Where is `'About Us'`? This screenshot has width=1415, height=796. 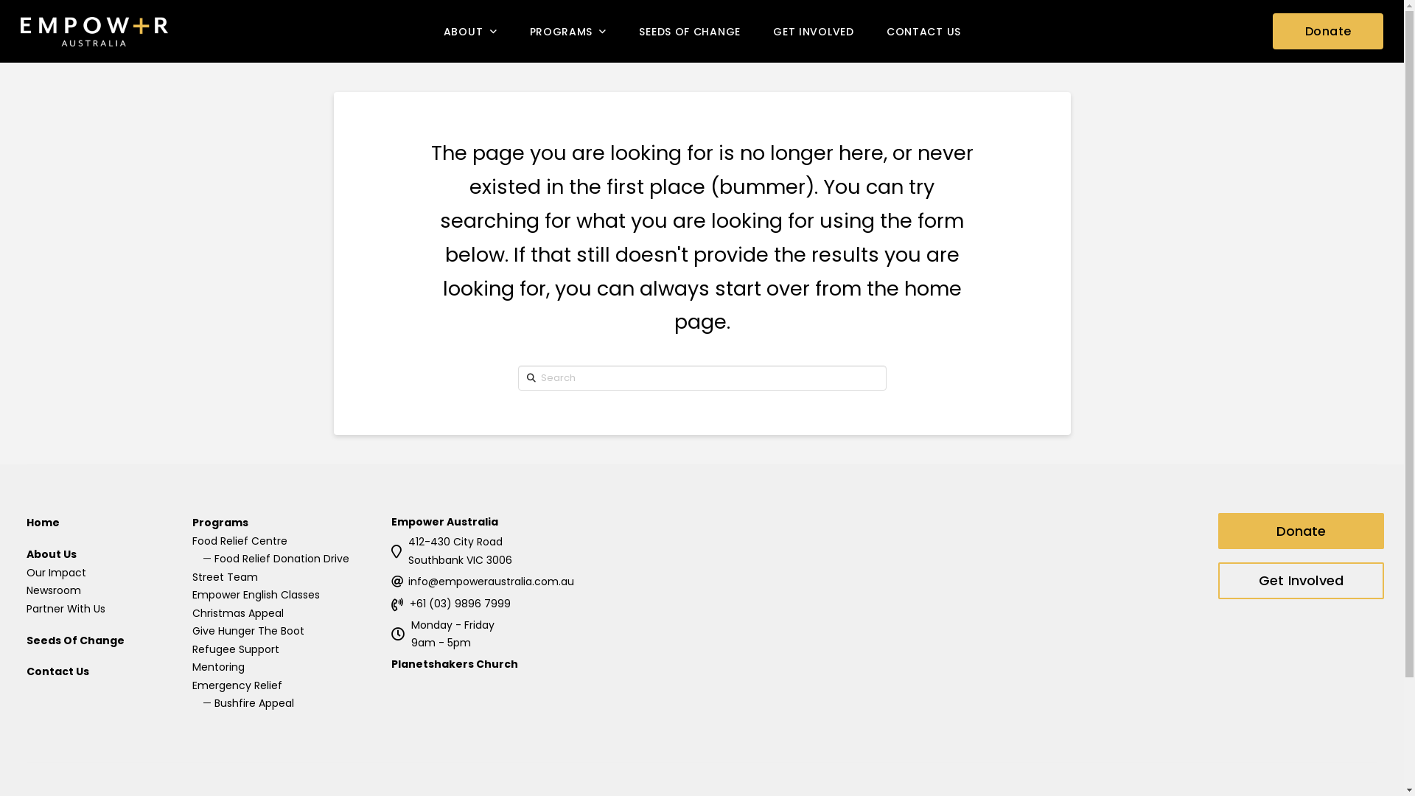
'About Us' is located at coordinates (52, 554).